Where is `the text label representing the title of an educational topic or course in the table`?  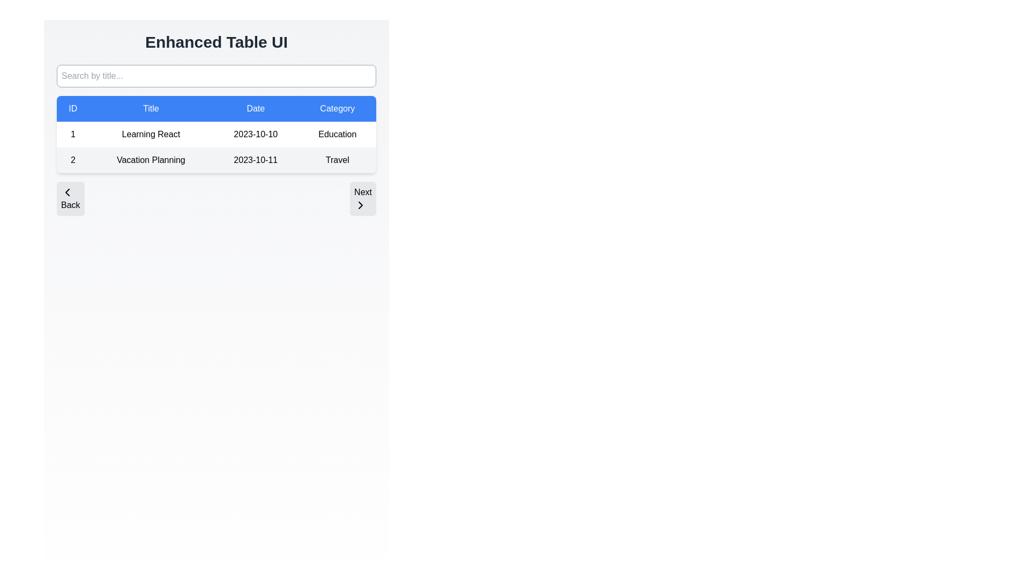 the text label representing the title of an educational topic or course in the table is located at coordinates (150, 133).